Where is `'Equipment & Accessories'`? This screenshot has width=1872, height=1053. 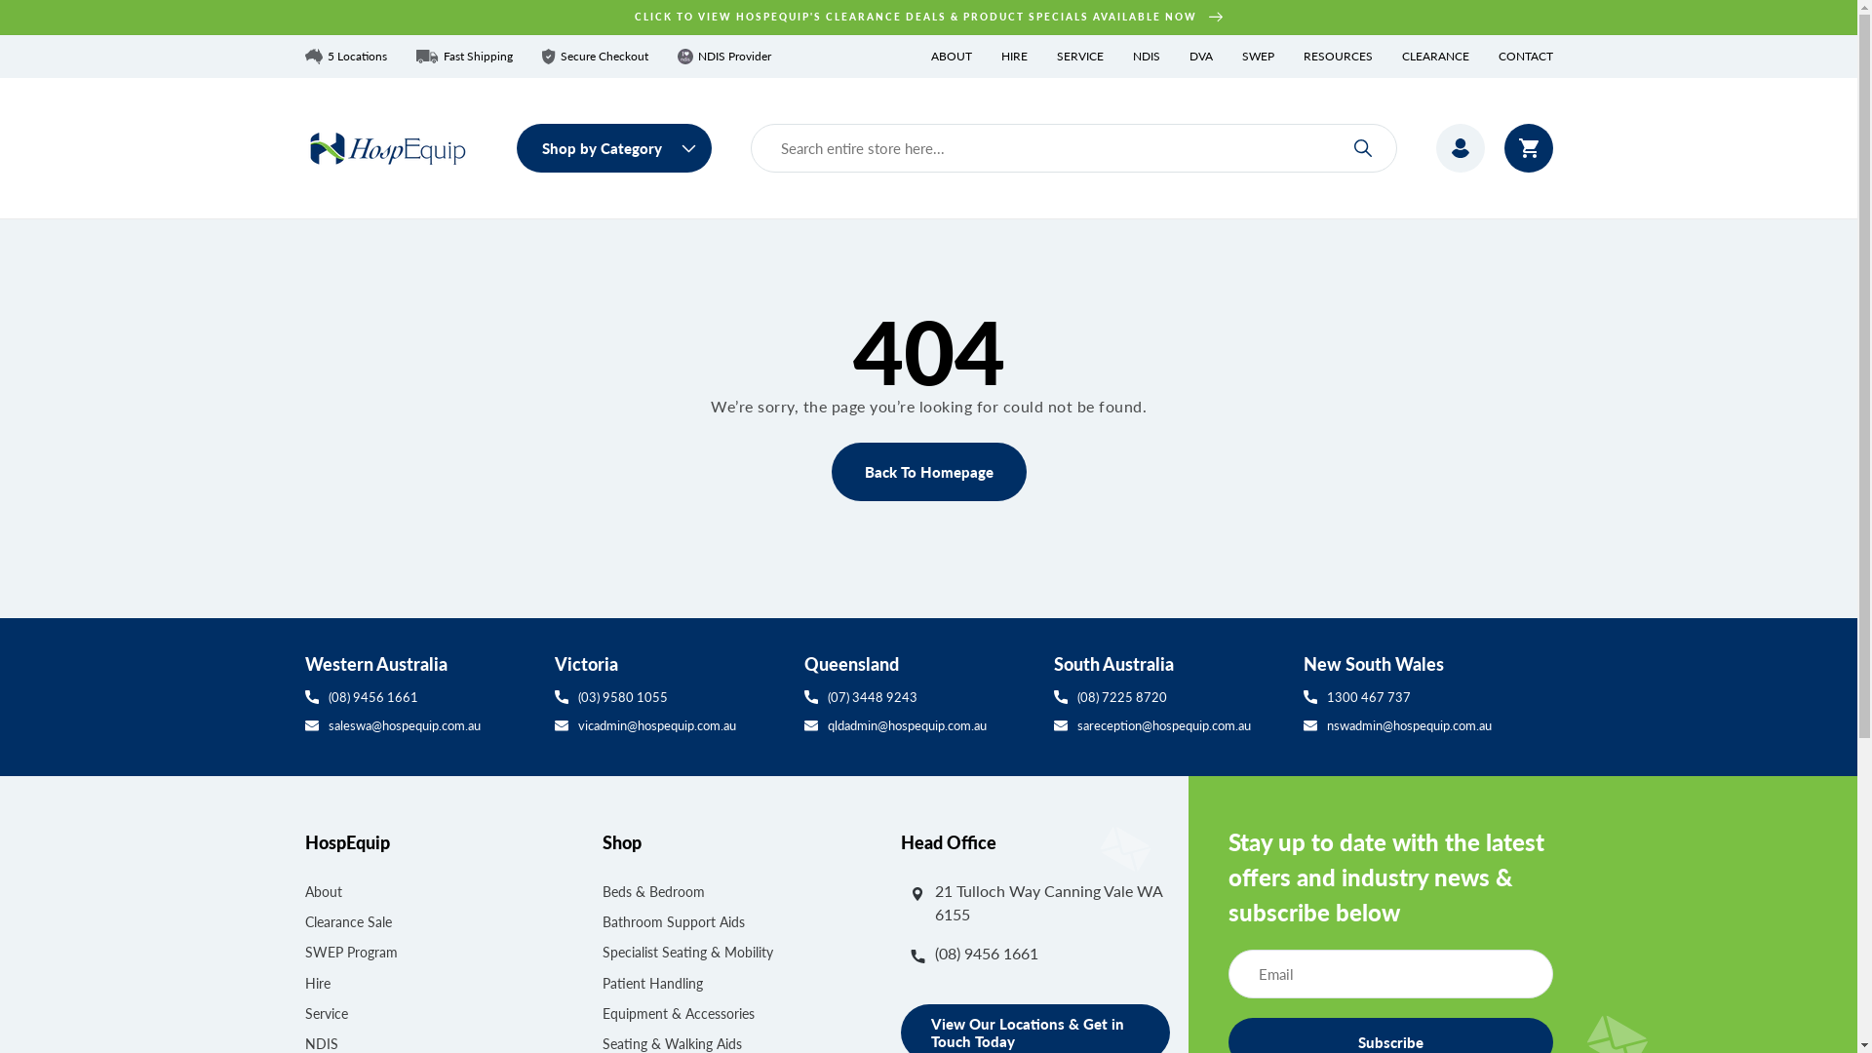
'Equipment & Accessories' is located at coordinates (679, 1012).